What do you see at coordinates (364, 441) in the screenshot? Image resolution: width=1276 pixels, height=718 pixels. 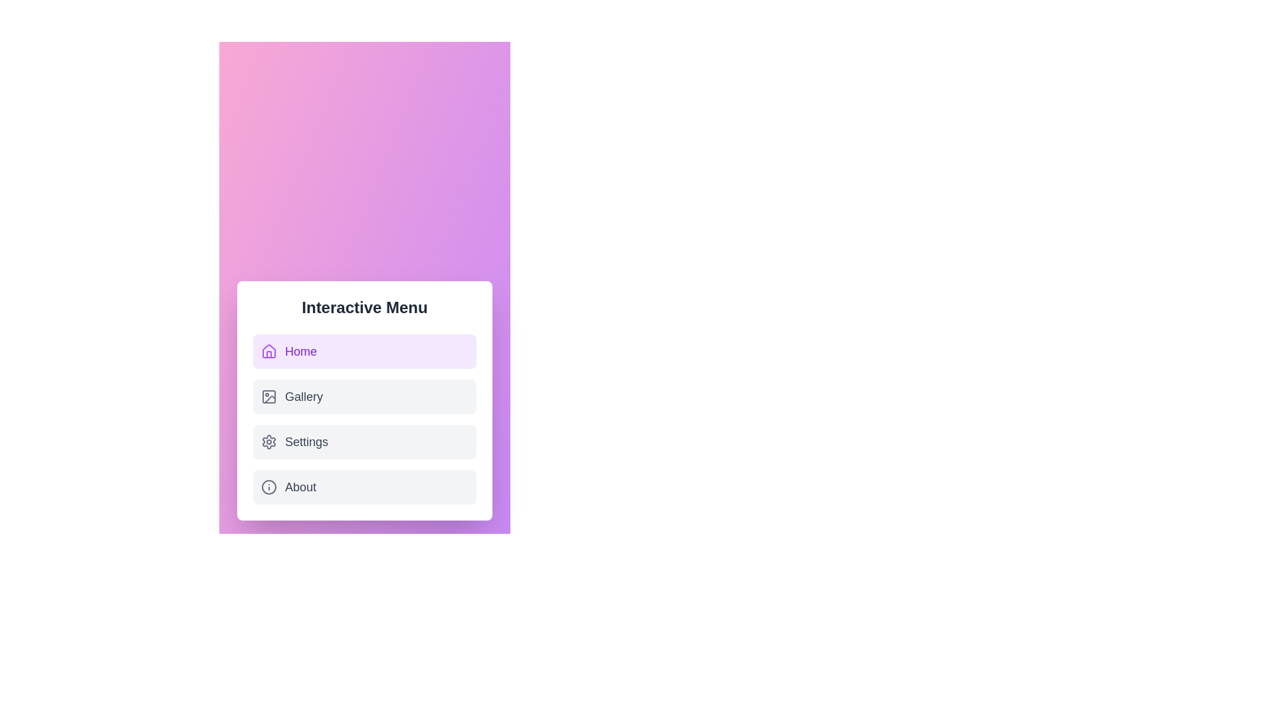 I see `the tab labeled Settings to switch to that tab` at bounding box center [364, 441].